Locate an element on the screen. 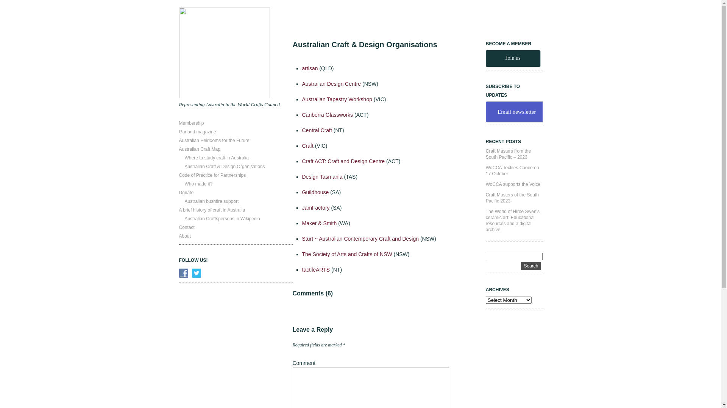  'WoCCA Textiles Cooee on 17 October' is located at coordinates (512, 170).